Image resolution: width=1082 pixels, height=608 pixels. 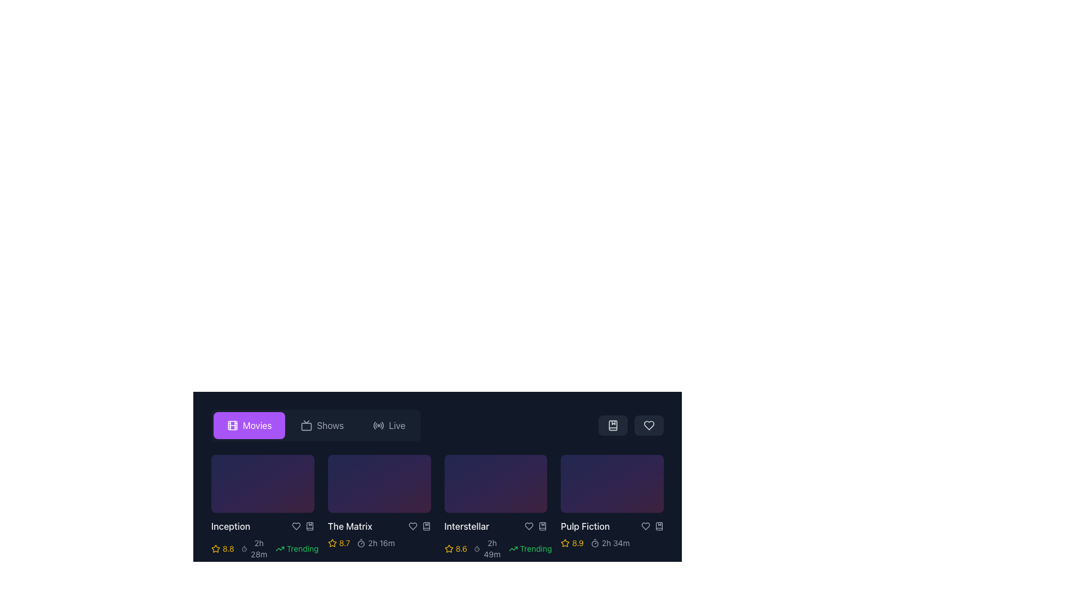 I want to click on the rightmost button labeled 'Live', so click(x=389, y=426).